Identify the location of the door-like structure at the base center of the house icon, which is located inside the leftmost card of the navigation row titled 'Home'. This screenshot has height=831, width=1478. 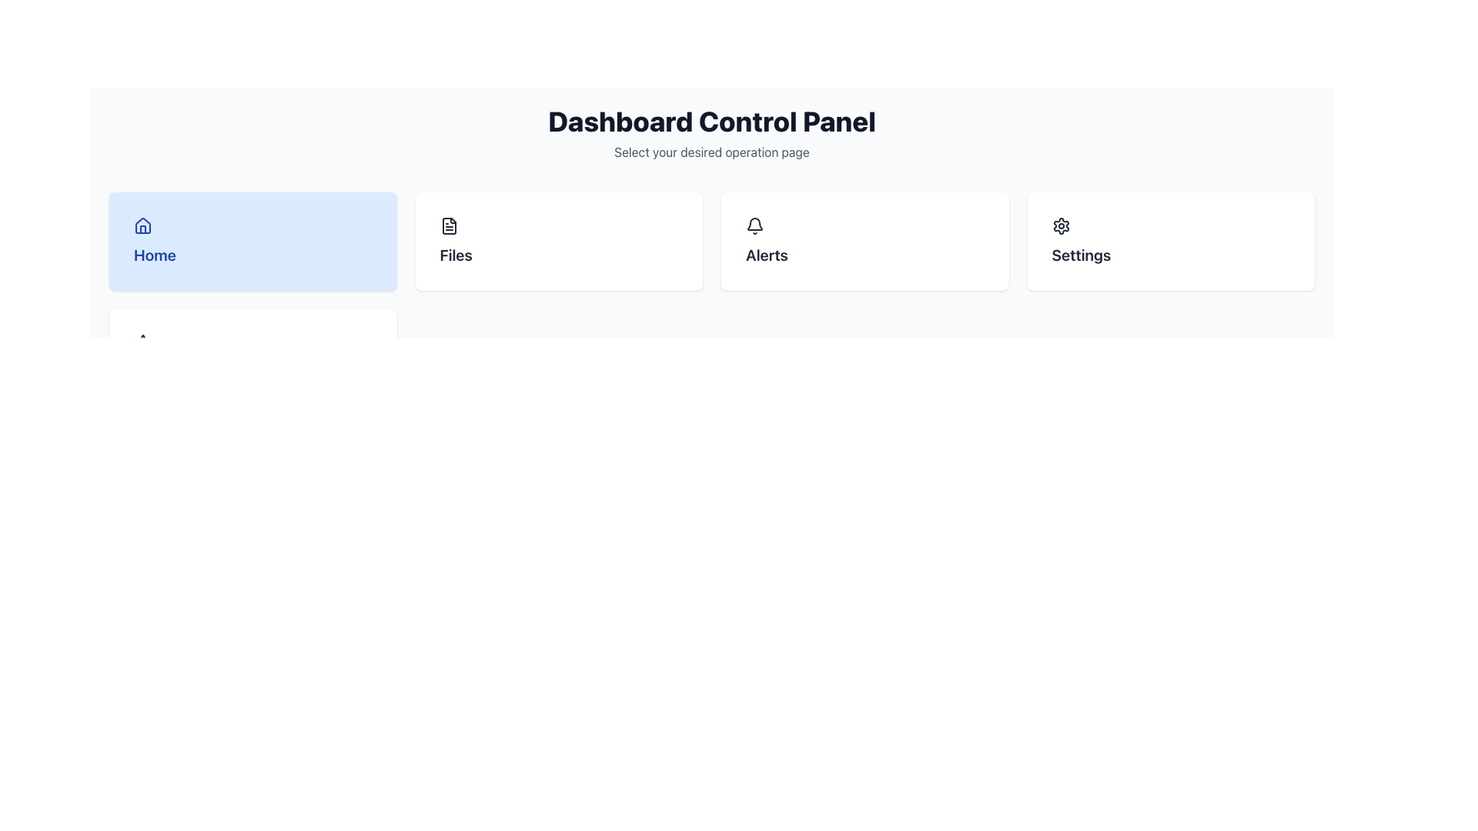
(143, 229).